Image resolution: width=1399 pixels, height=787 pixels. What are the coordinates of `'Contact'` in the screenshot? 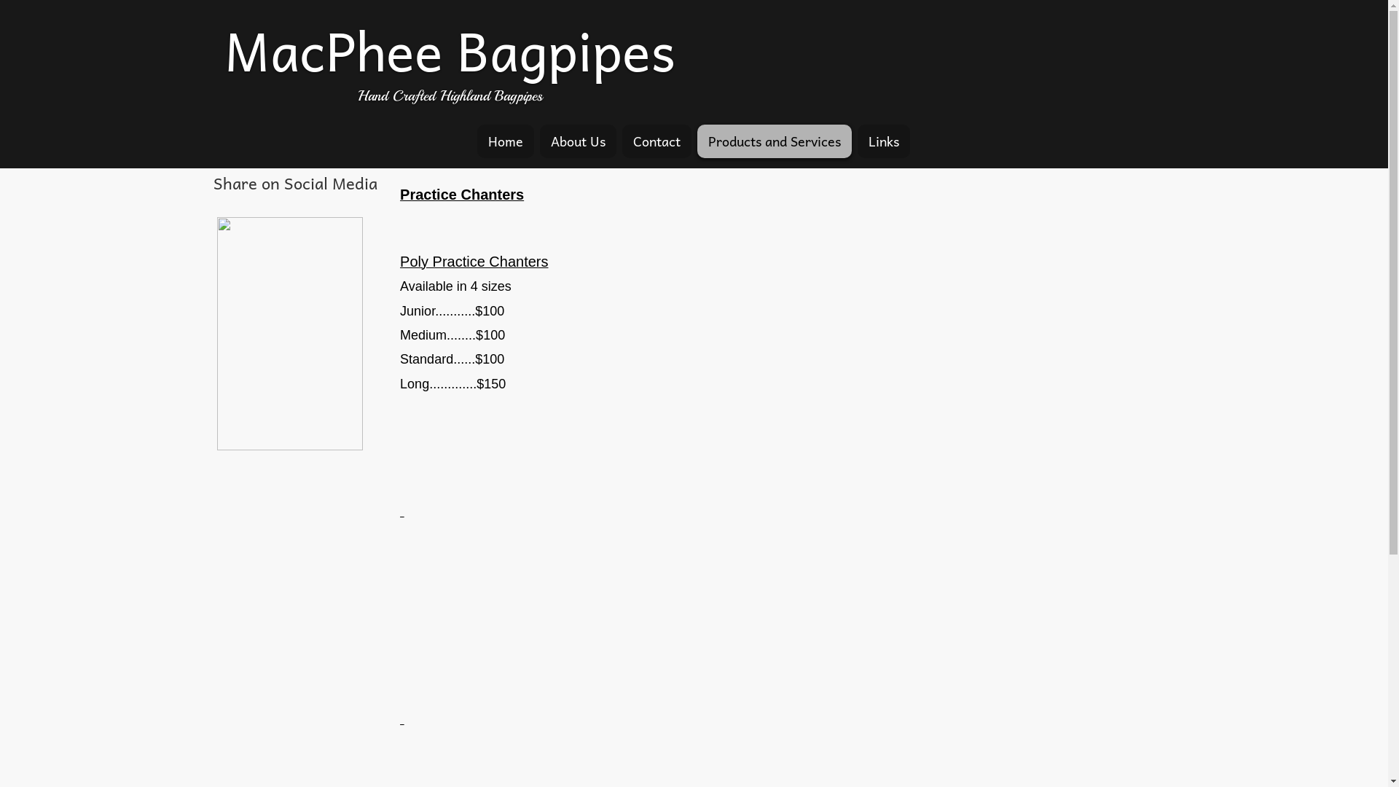 It's located at (622, 141).